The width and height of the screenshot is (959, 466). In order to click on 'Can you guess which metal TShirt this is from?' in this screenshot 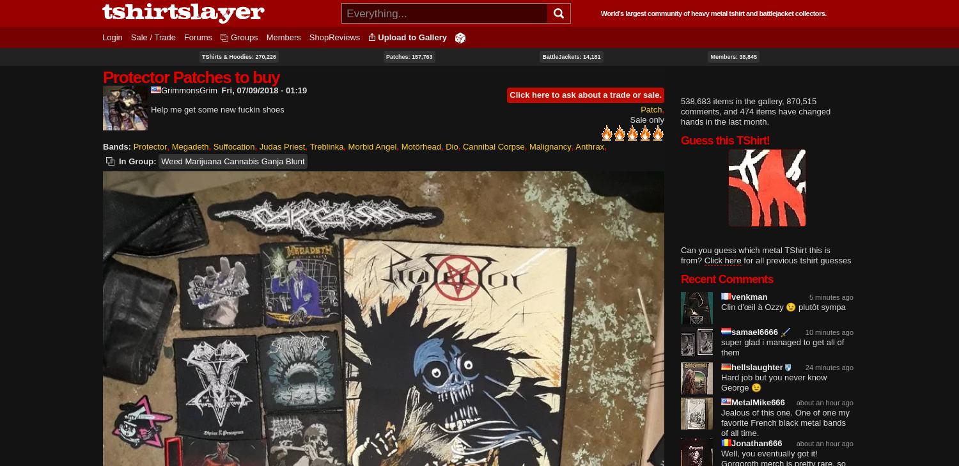, I will do `click(755, 255)`.